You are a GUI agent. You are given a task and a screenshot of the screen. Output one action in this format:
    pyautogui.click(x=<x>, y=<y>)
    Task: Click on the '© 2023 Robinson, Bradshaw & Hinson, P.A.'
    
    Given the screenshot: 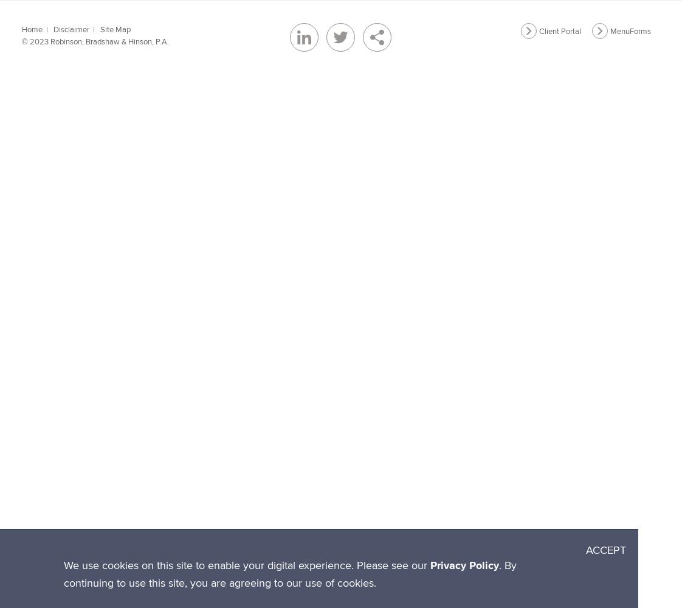 What is the action you would take?
    pyautogui.click(x=21, y=41)
    